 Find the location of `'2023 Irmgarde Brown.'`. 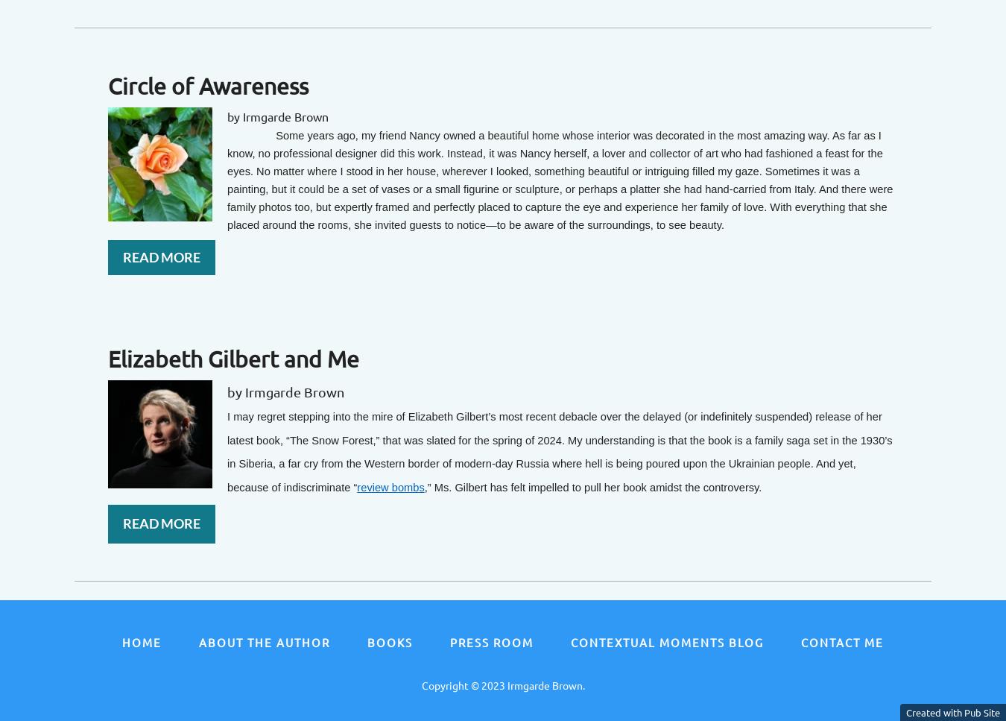

'2023 Irmgarde Brown.' is located at coordinates (481, 685).